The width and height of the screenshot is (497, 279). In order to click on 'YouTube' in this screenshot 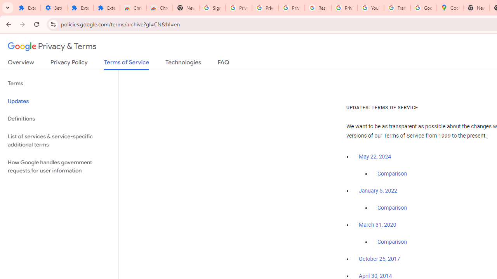, I will do `click(370, 8)`.